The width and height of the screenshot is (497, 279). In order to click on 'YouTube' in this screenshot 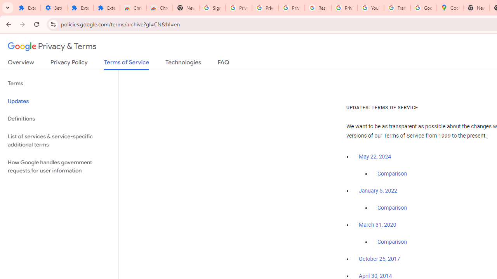, I will do `click(370, 8)`.